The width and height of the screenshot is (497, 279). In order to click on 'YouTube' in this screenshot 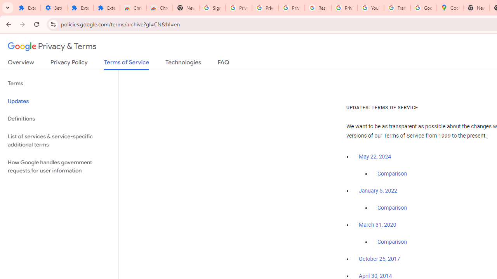, I will do `click(370, 8)`.